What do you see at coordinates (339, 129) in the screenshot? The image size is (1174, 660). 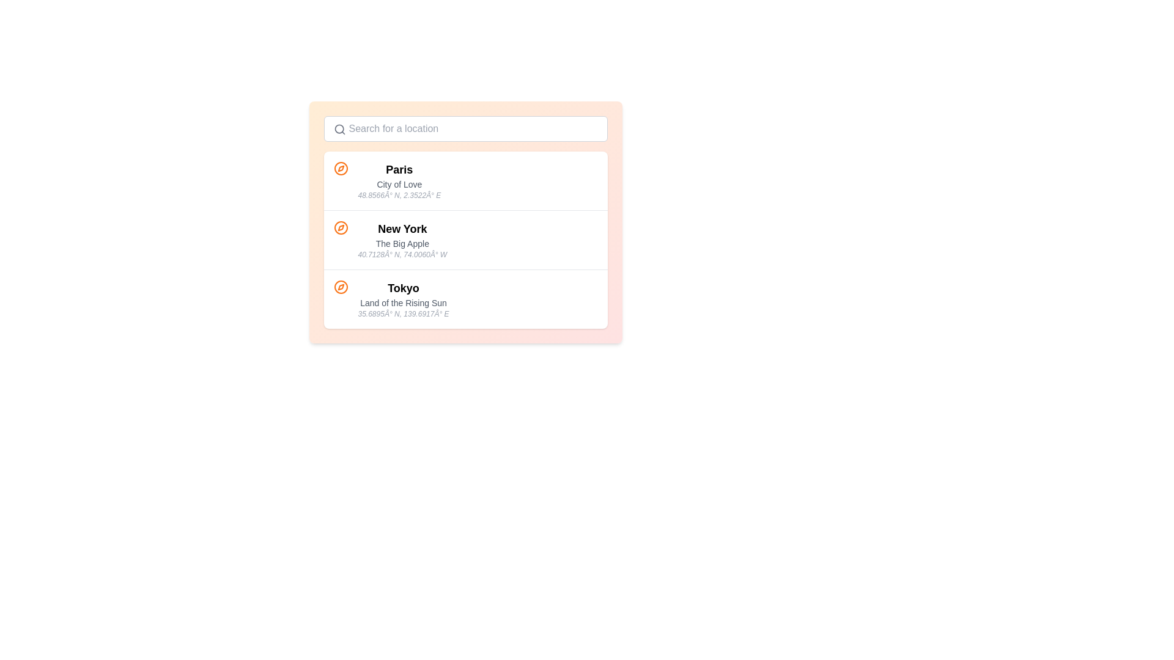 I see `the central circular part of the magnifying glass icon, which represents search functionality, located at the left of the search bar` at bounding box center [339, 129].